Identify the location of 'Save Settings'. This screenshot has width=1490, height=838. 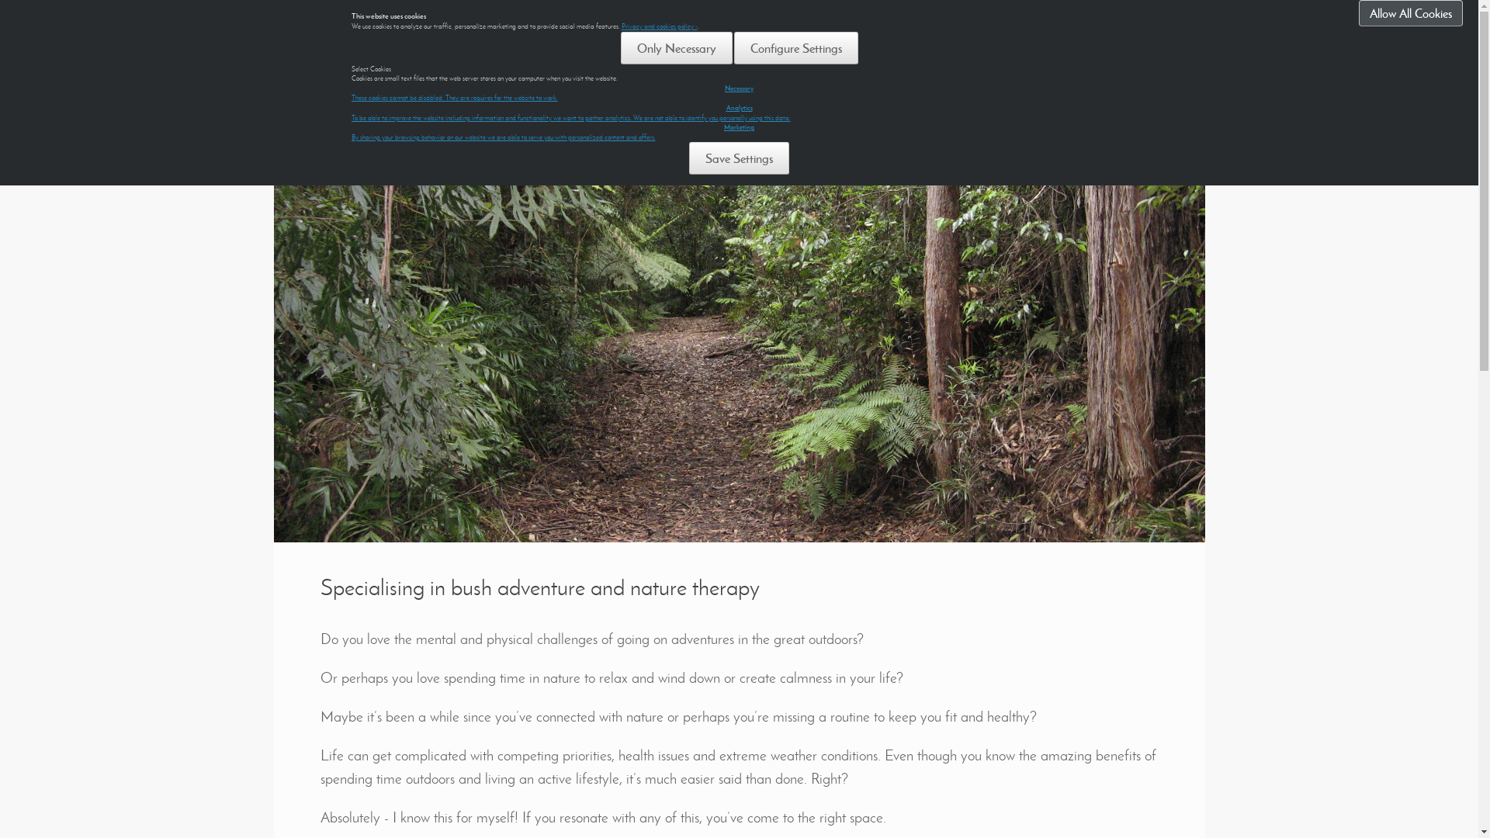
(738, 158).